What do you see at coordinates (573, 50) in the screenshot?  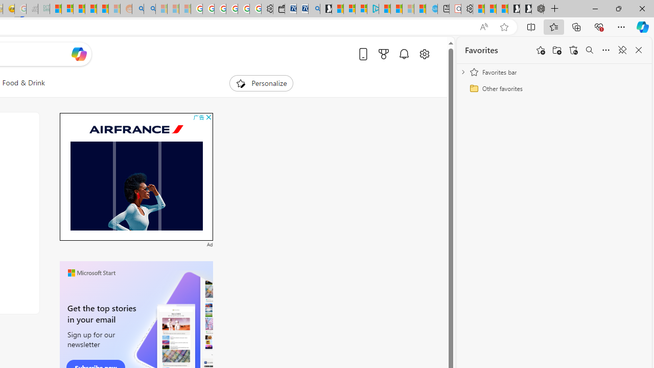 I see `'Restore deleted favorites'` at bounding box center [573, 50].